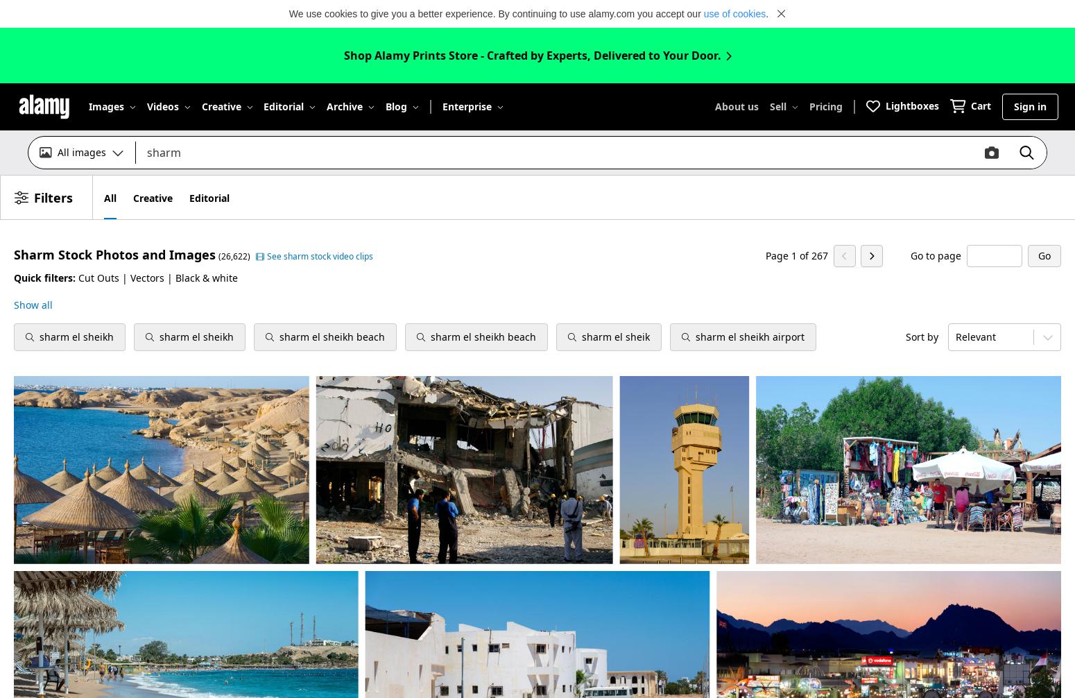 The width and height of the screenshot is (1075, 698). What do you see at coordinates (446, 272) in the screenshot?
I see `'Travel'` at bounding box center [446, 272].